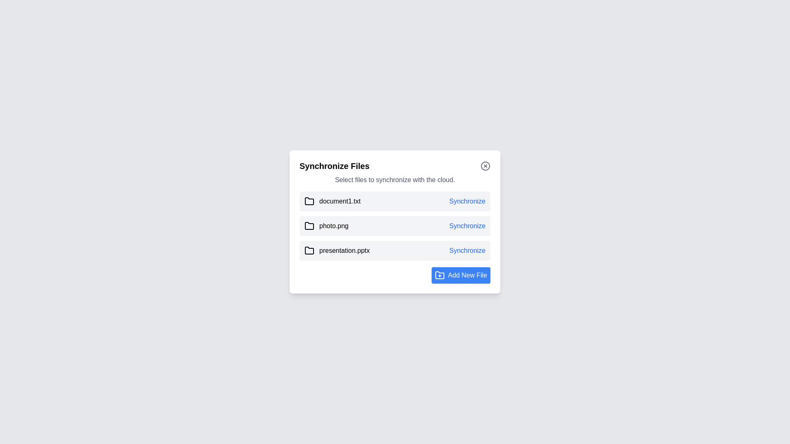 This screenshot has height=444, width=790. I want to click on the 'Add New File' button to initiate the file addition process, so click(460, 275).